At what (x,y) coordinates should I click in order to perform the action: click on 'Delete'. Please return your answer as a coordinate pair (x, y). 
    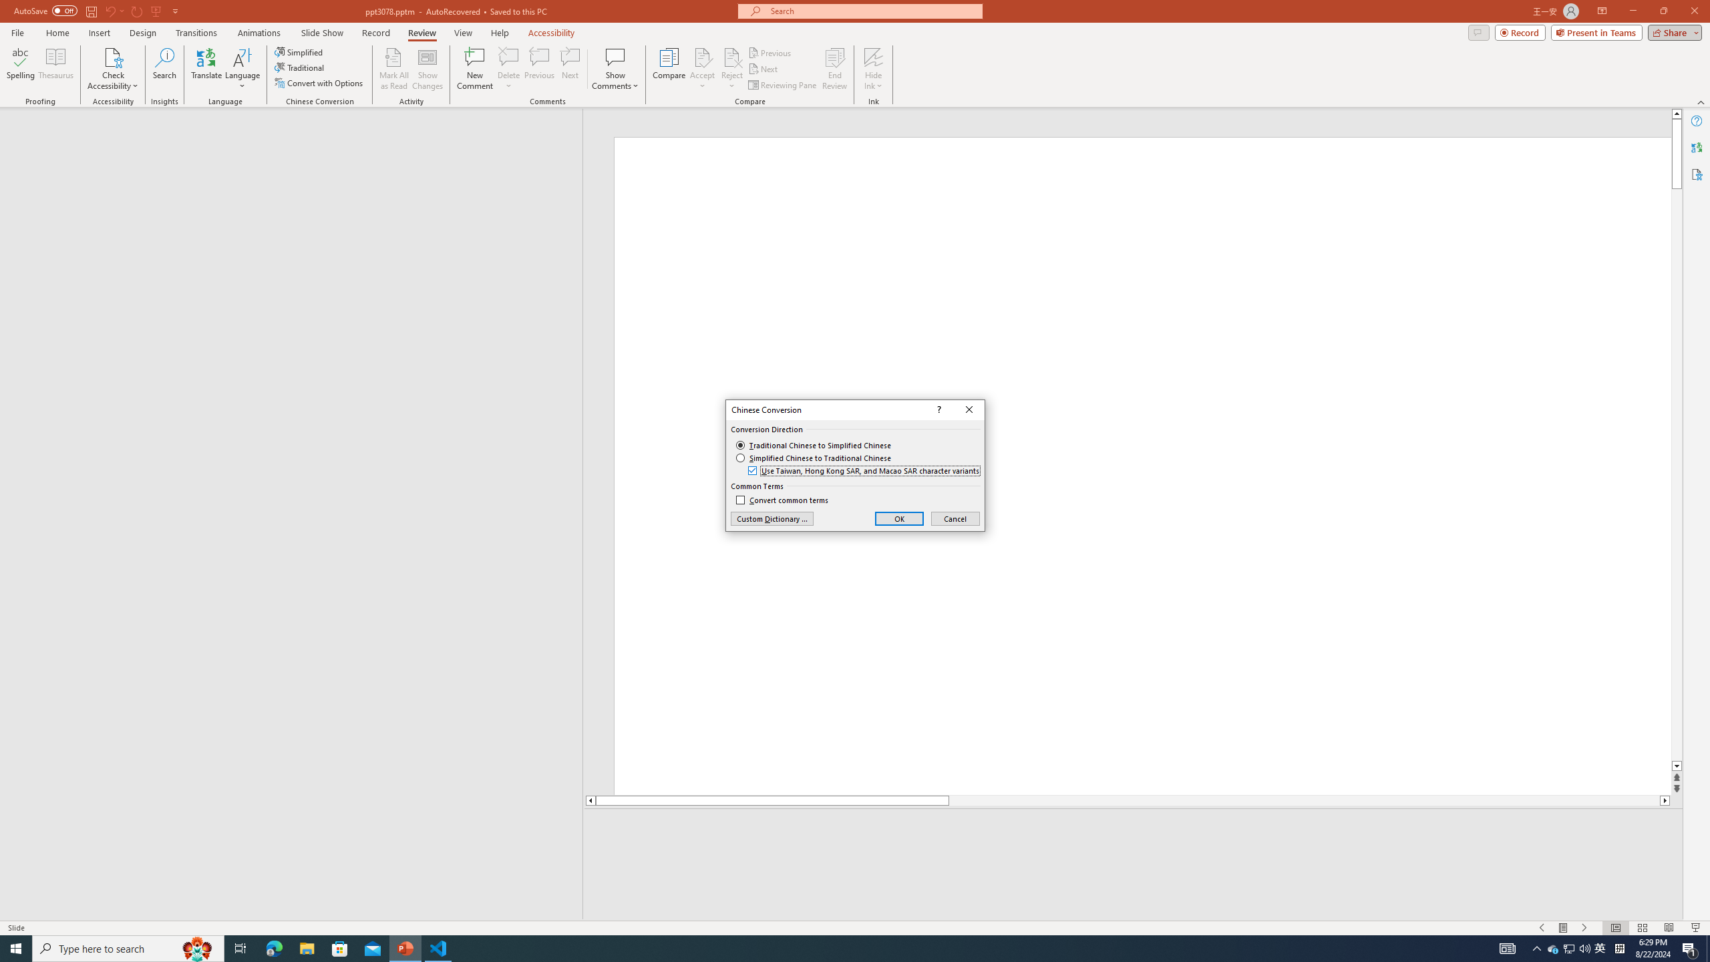
    Looking at the image, I should click on (508, 56).